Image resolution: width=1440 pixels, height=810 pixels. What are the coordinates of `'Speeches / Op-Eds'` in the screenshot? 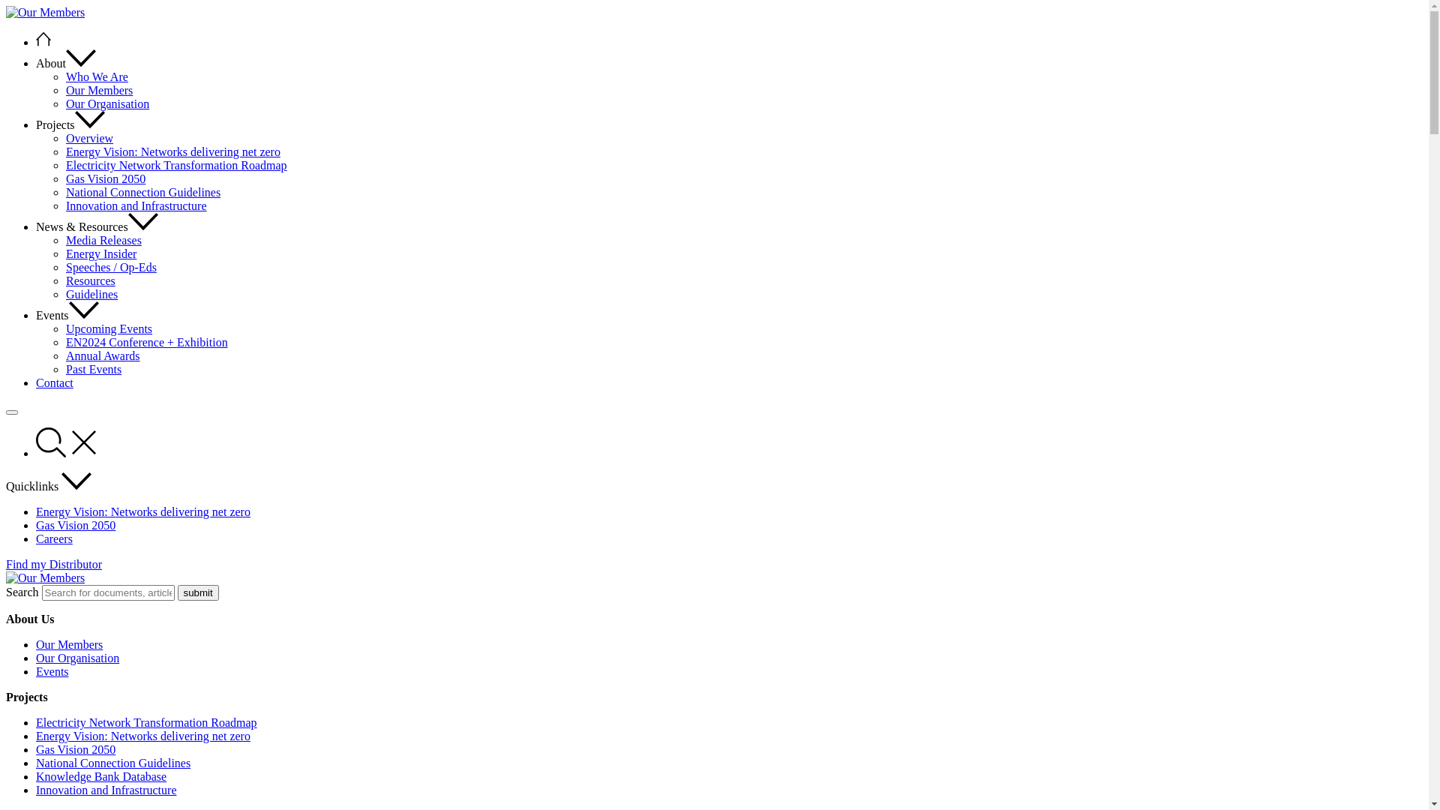 It's located at (110, 266).